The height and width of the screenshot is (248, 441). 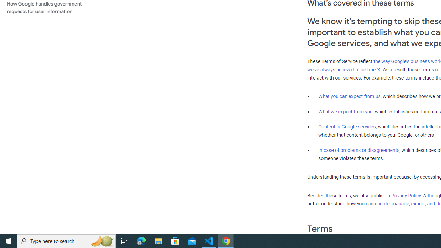 What do you see at coordinates (349, 96) in the screenshot?
I see `'What you can expect from us'` at bounding box center [349, 96].